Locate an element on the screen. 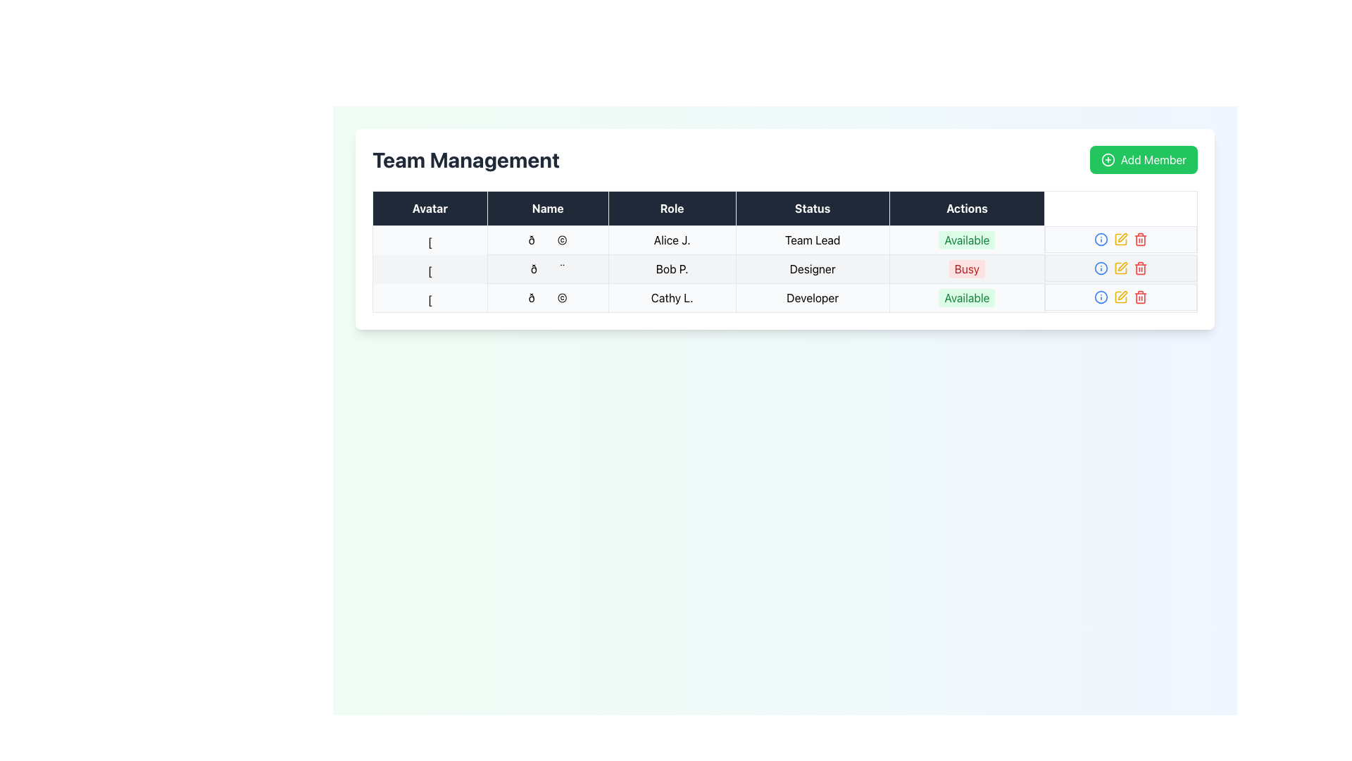 This screenshot has height=761, width=1352. the red trash can icon button located at the far right of the action buttons for 'Bob P.' in the team management table is located at coordinates (1141, 268).